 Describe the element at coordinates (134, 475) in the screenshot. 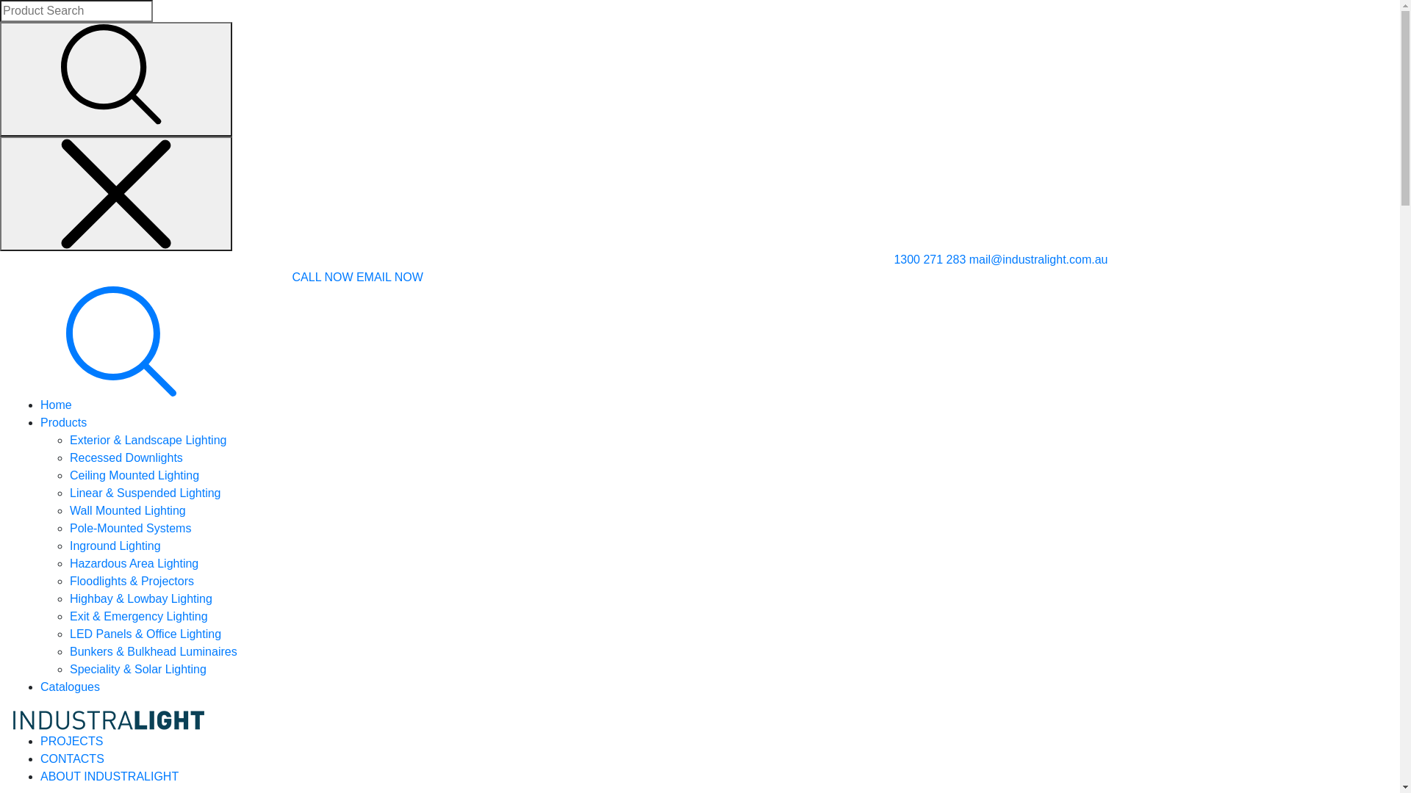

I see `'Ceiling Mounted Lighting'` at that location.